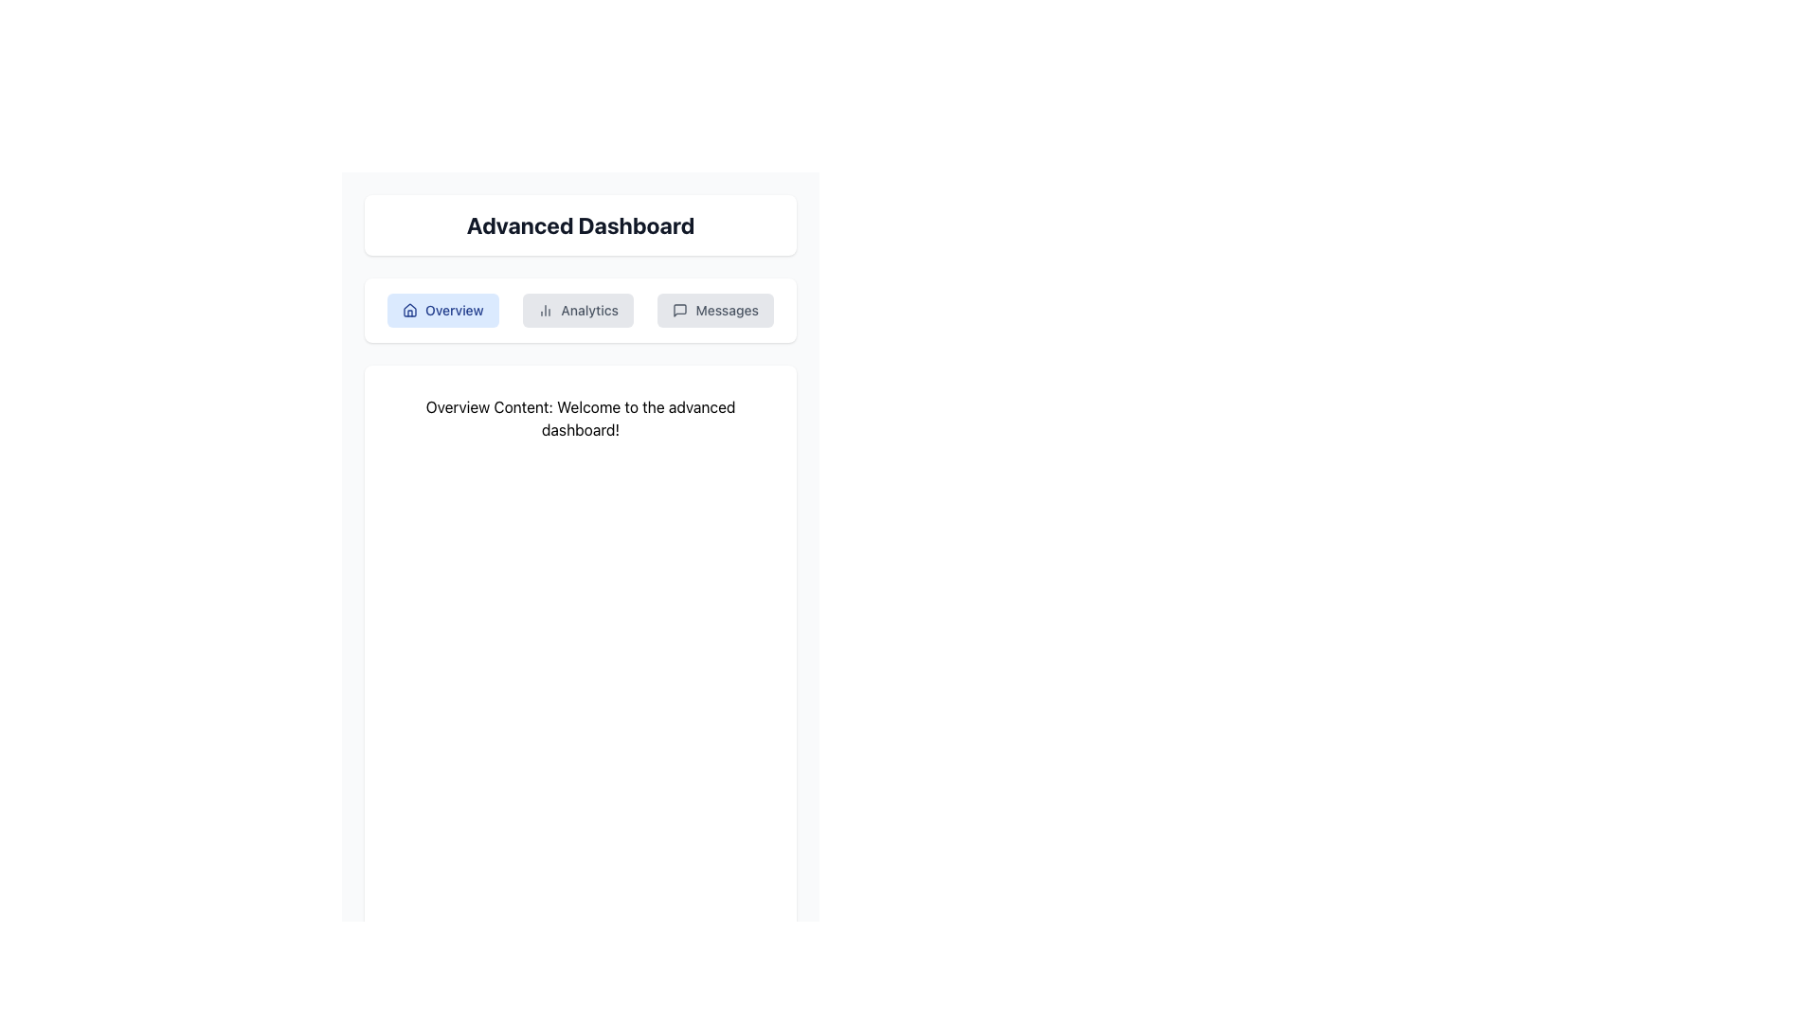  I want to click on the compact icon resembling a bar chart located within the 'Analytics' button, positioned between the 'Overview' and 'Messages' buttons, so click(545, 309).